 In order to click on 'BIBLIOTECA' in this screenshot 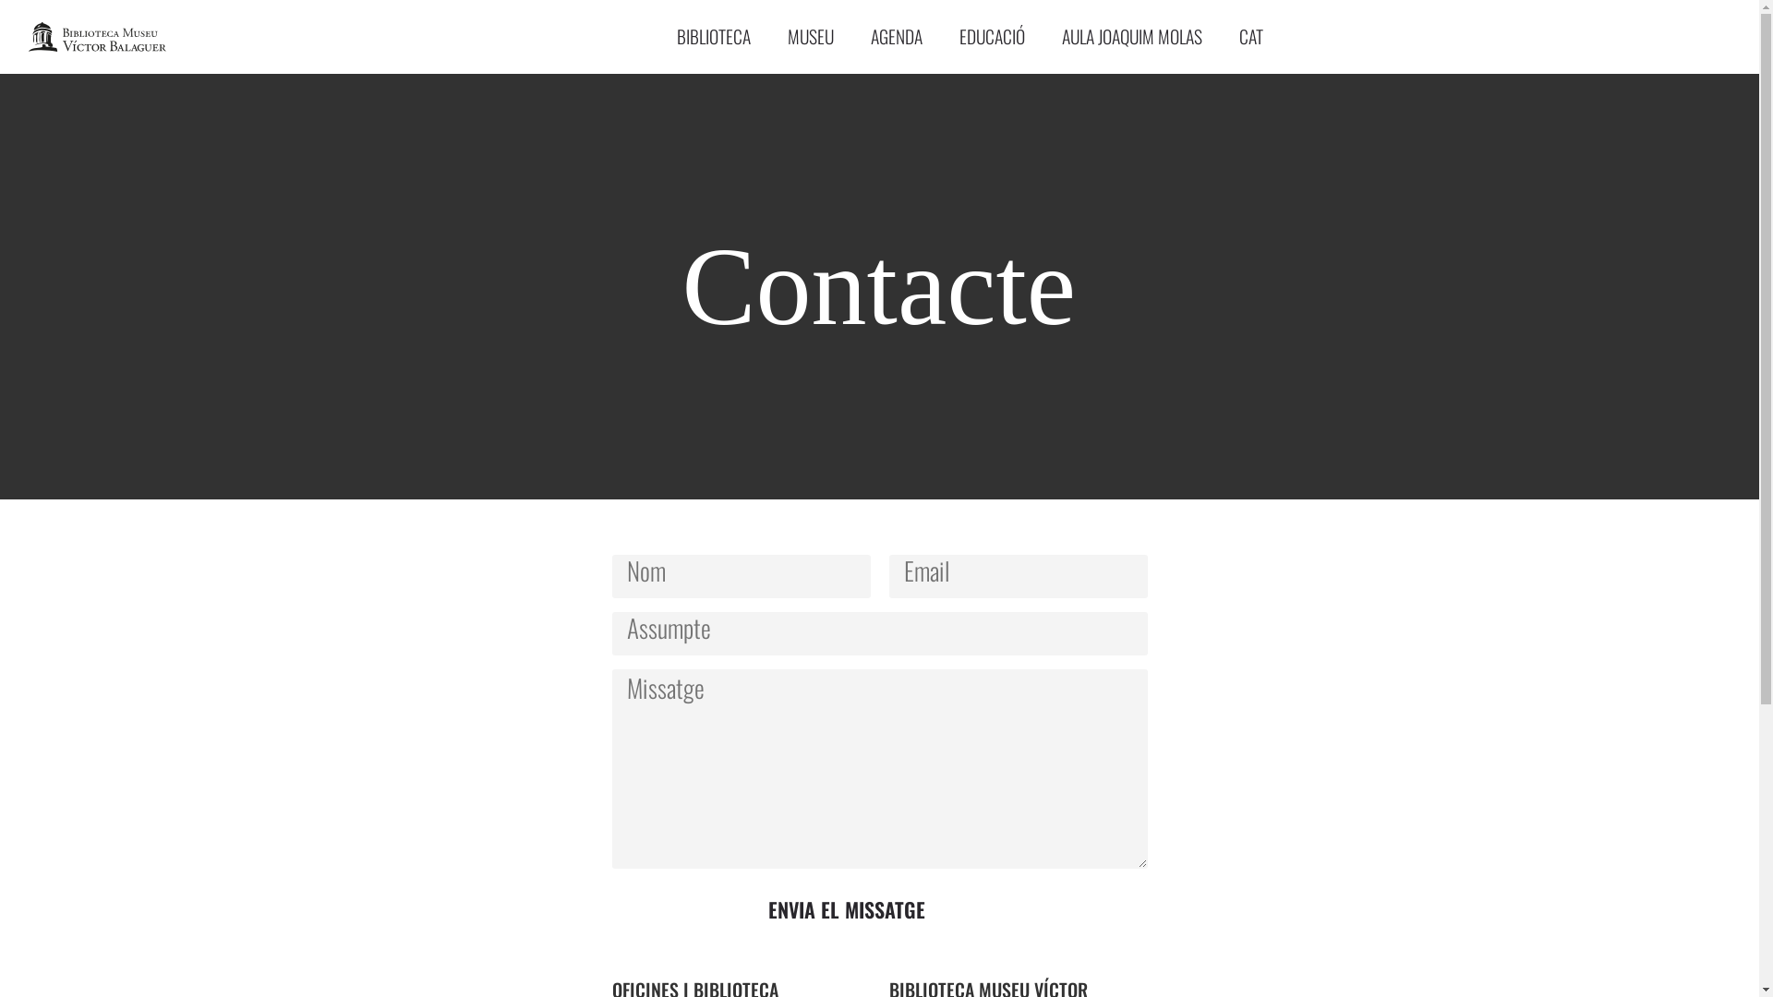, I will do `click(658, 36)`.